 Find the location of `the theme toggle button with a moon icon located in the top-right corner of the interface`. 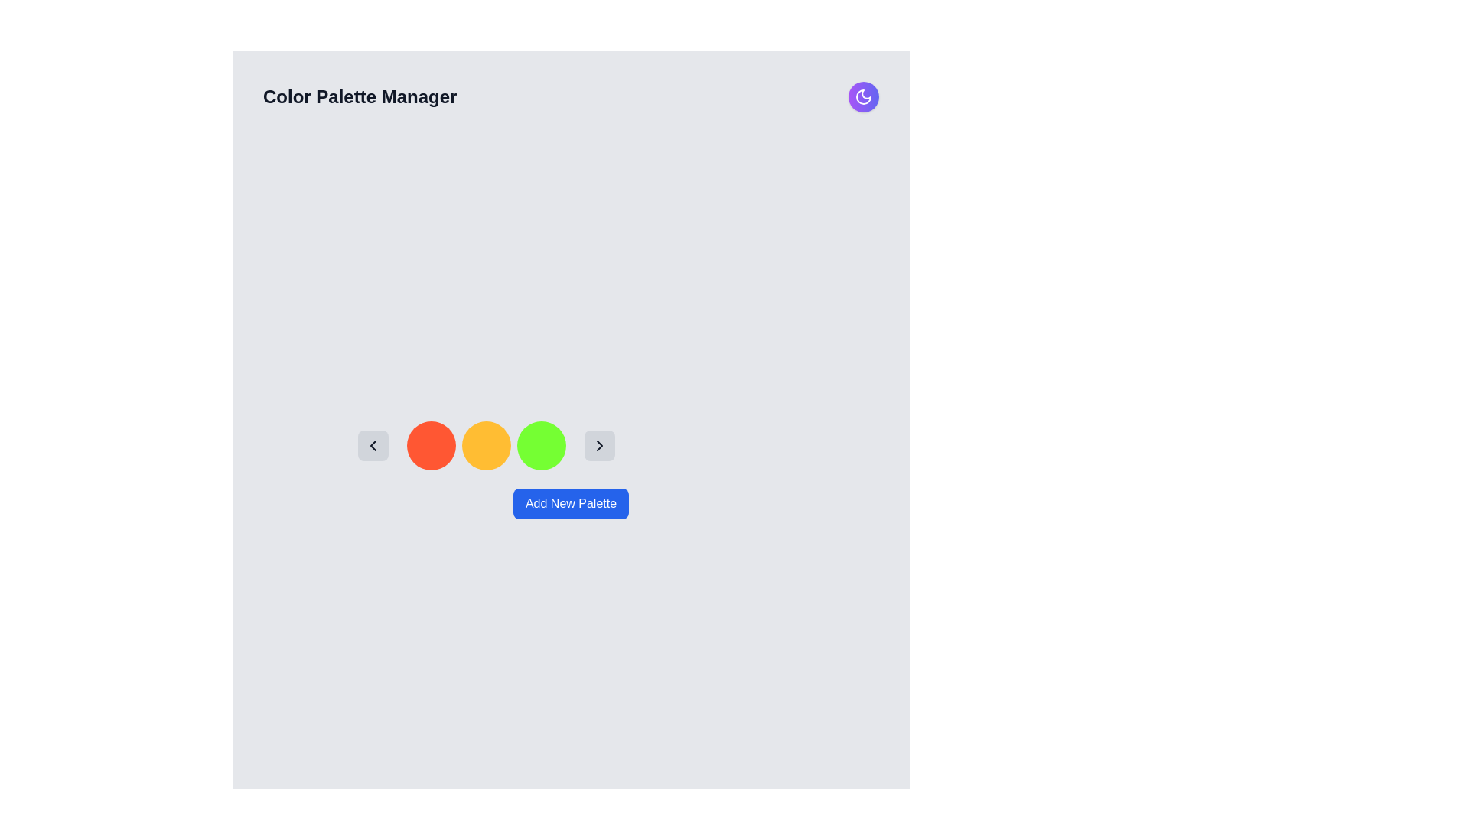

the theme toggle button with a moon icon located in the top-right corner of the interface is located at coordinates (863, 97).